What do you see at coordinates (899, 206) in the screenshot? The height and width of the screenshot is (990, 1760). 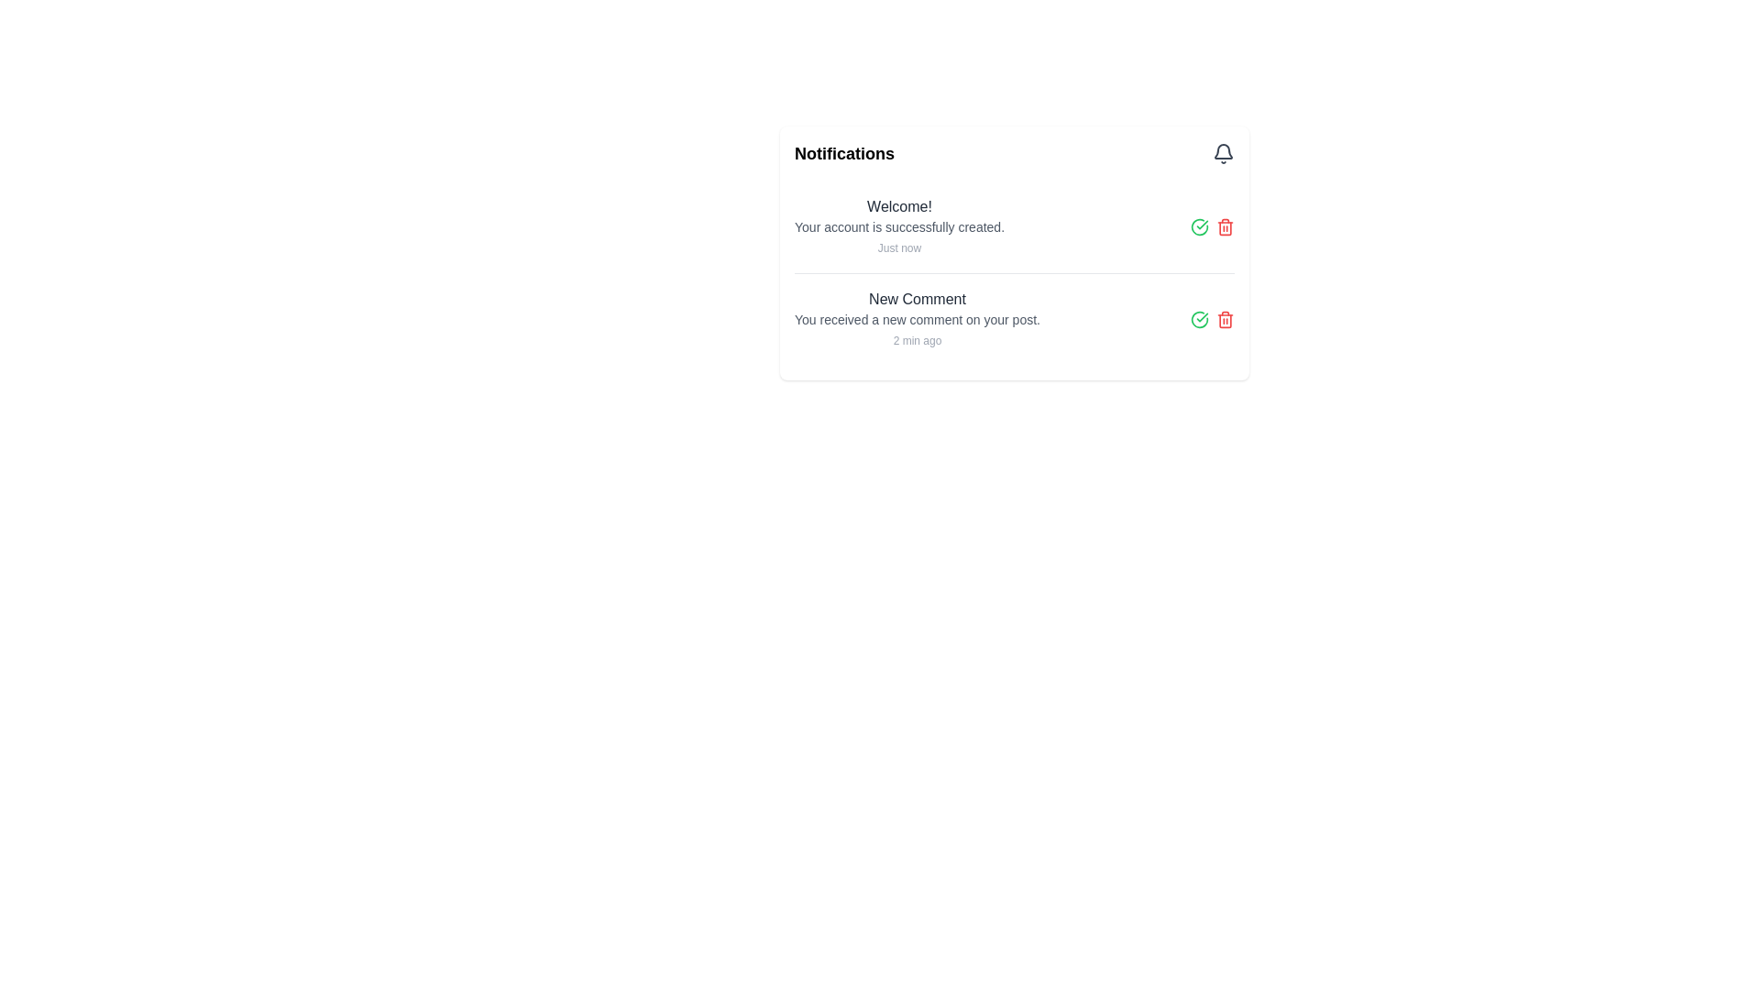 I see `the text element saying 'Welcome!' which is styled with a medium-weight, gray font and serves as the heading in the notification panel` at bounding box center [899, 206].